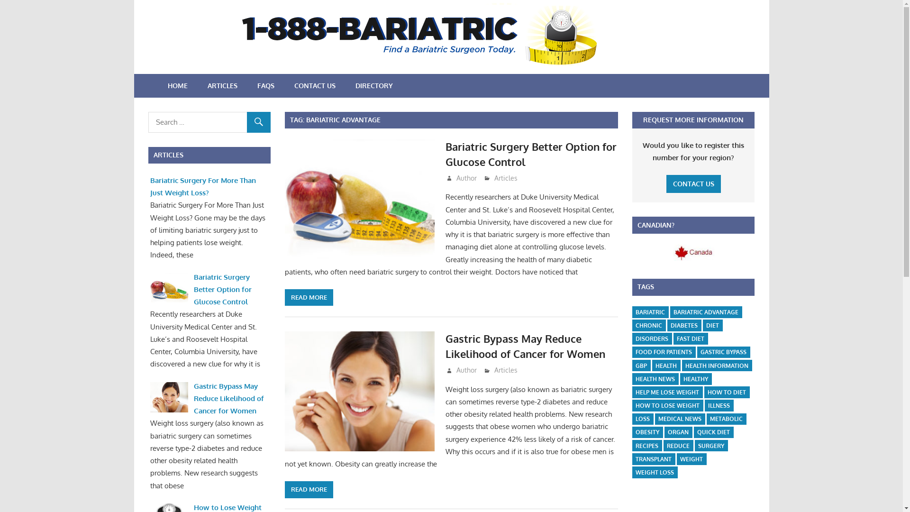 This screenshot has width=910, height=512. What do you see at coordinates (466, 178) in the screenshot?
I see `'Author'` at bounding box center [466, 178].